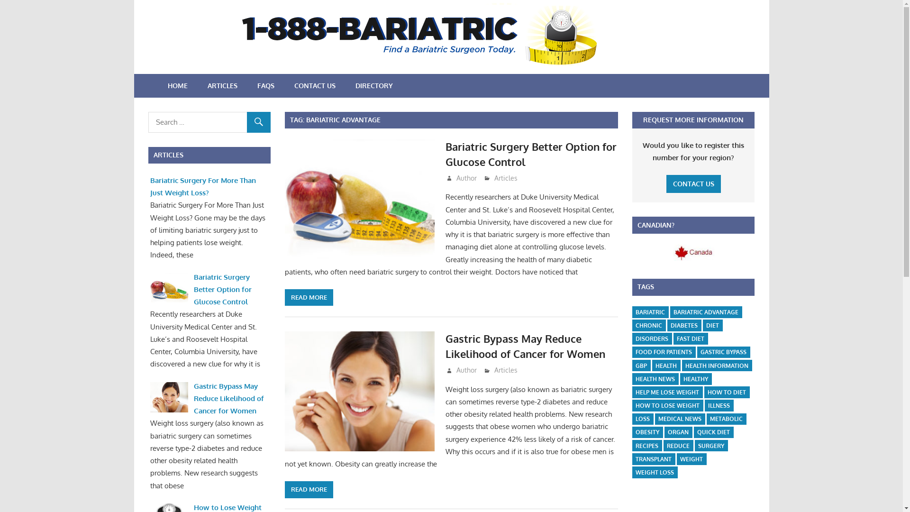 This screenshot has width=910, height=512. What do you see at coordinates (466, 178) in the screenshot?
I see `'Author'` at bounding box center [466, 178].